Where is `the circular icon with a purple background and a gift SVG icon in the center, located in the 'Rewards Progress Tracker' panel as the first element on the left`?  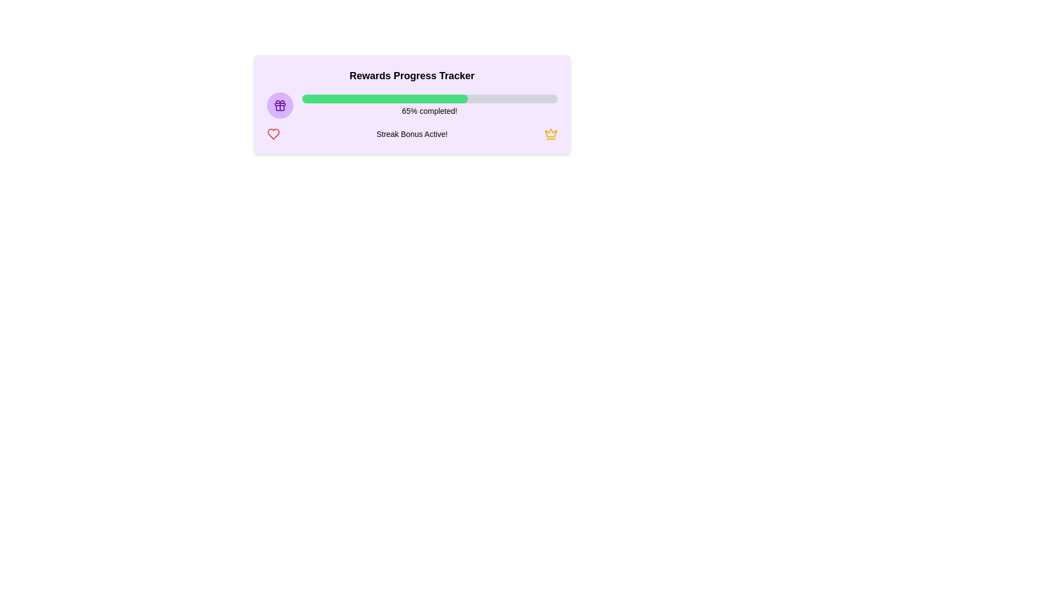
the circular icon with a purple background and a gift SVG icon in the center, located in the 'Rewards Progress Tracker' panel as the first element on the left is located at coordinates (280, 106).